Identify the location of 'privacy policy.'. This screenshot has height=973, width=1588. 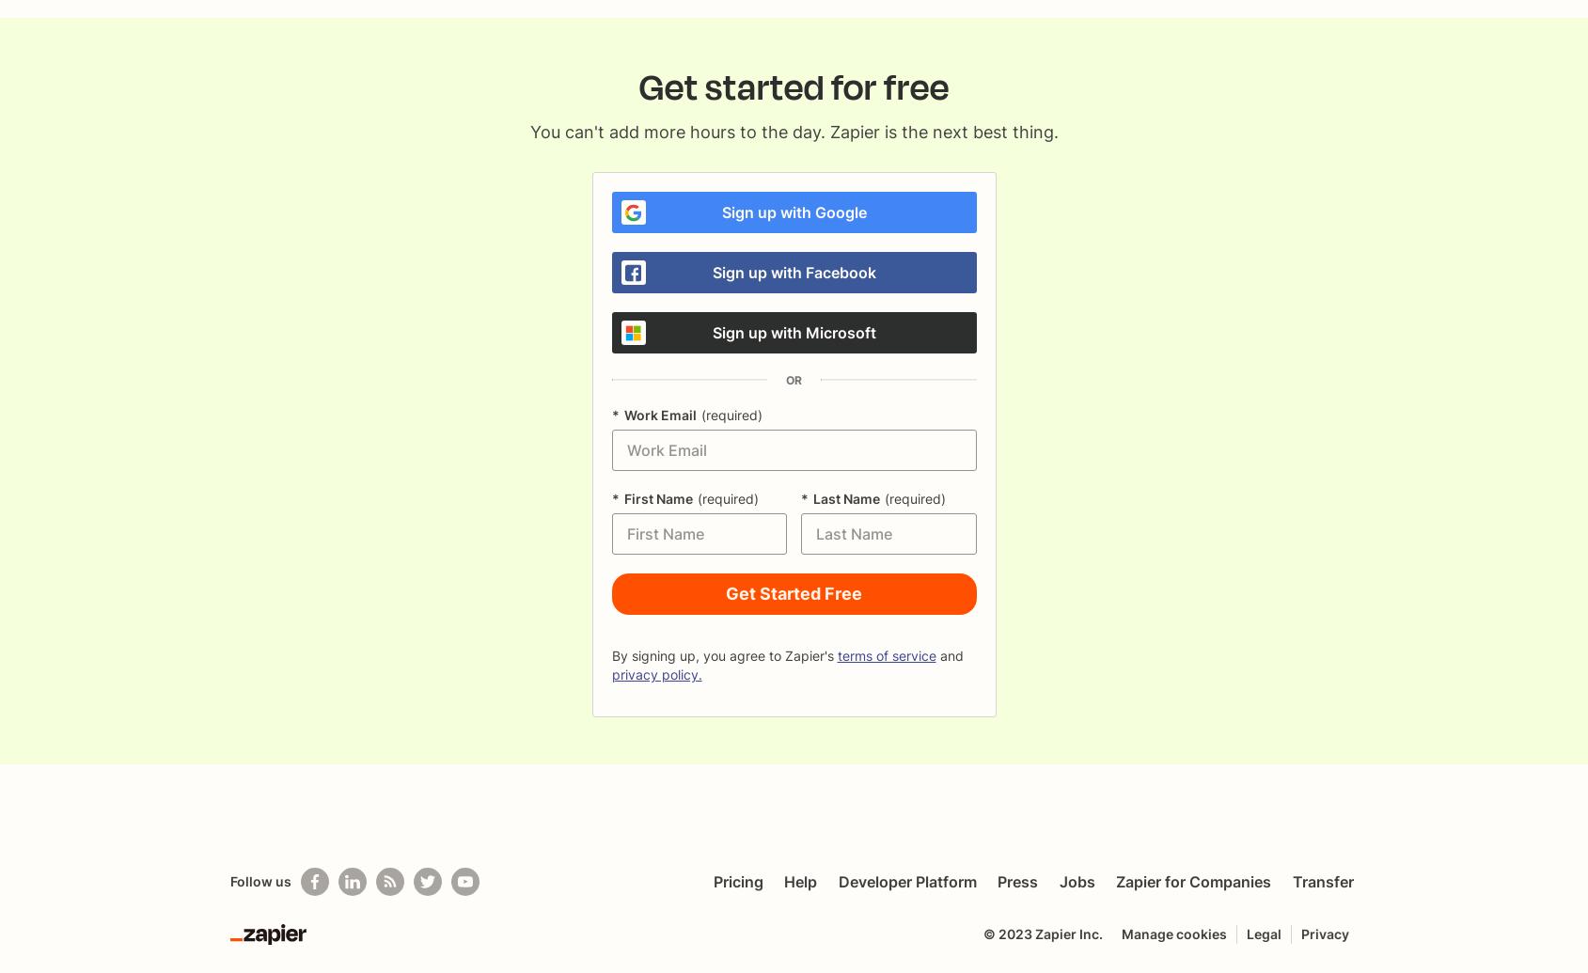
(609, 673).